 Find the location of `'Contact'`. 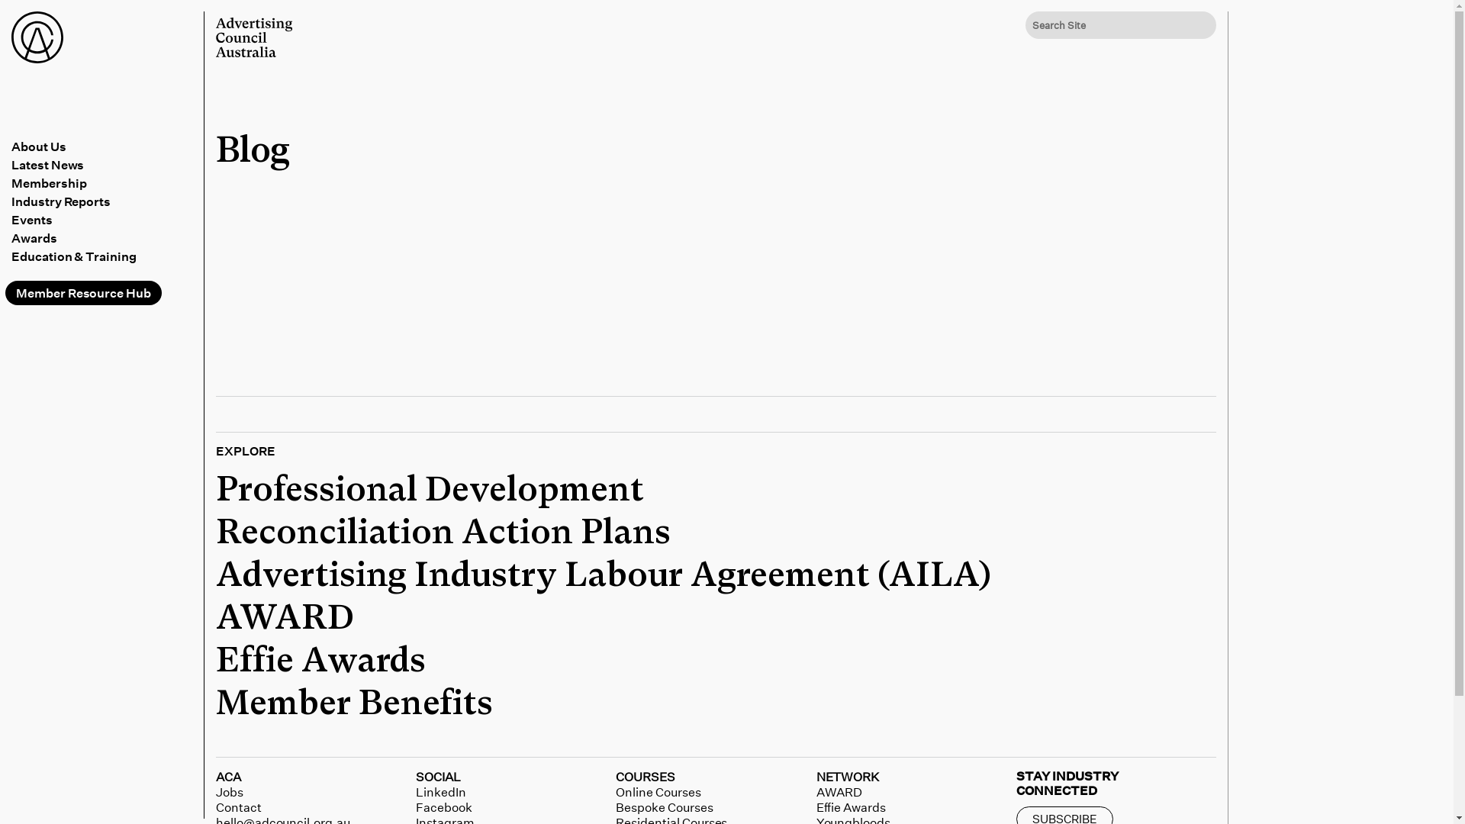

'Contact' is located at coordinates (215, 806).